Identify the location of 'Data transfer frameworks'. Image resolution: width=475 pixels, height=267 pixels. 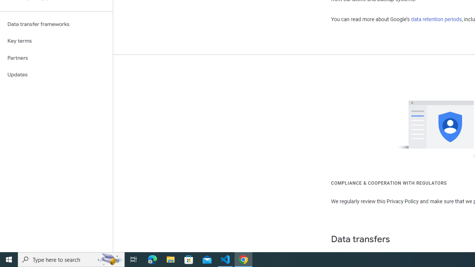
(56, 24).